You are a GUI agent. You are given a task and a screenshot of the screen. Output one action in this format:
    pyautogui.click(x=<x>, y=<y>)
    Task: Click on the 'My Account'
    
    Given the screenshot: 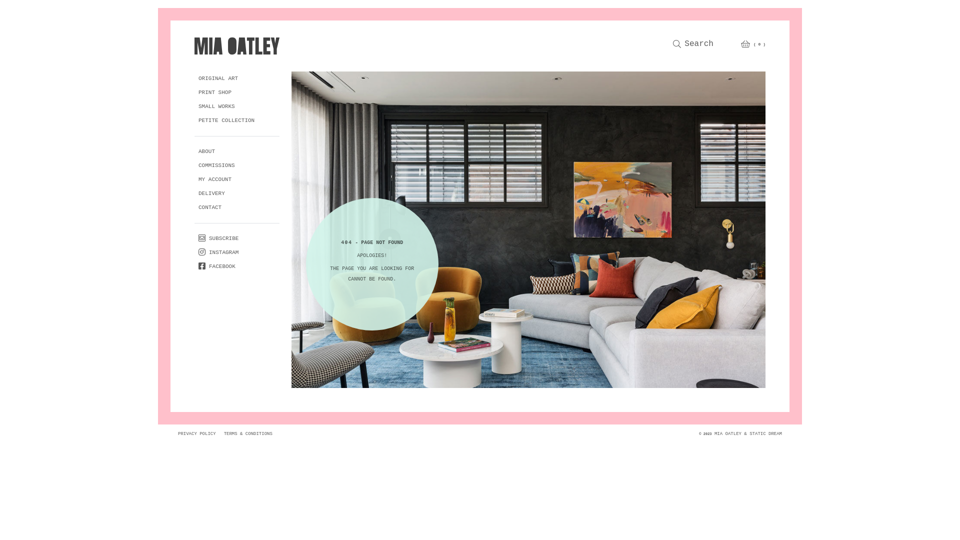 What is the action you would take?
    pyautogui.click(x=194, y=179)
    